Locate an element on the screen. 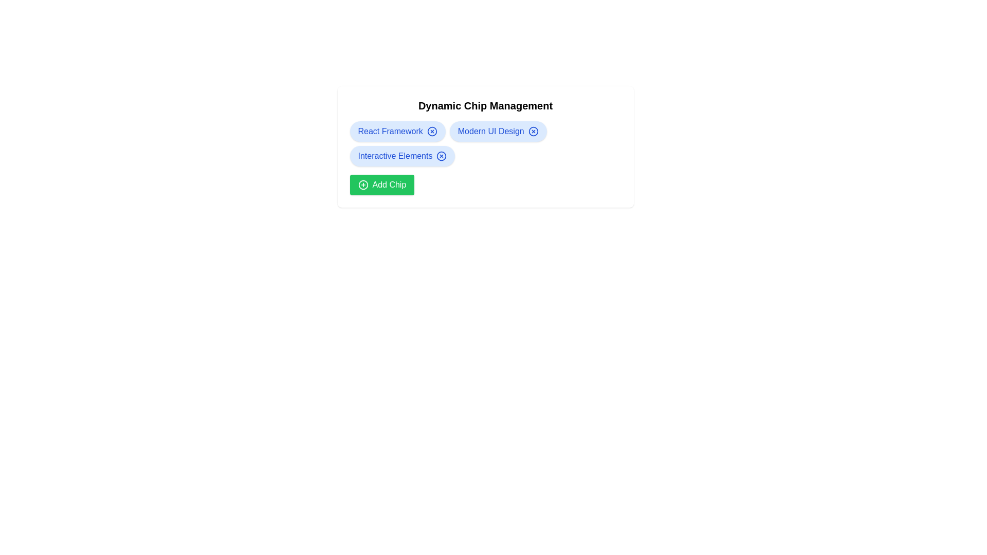 The height and width of the screenshot is (555, 987). close button on the chip labeled Modern UI Design to remove it is located at coordinates (533, 131).